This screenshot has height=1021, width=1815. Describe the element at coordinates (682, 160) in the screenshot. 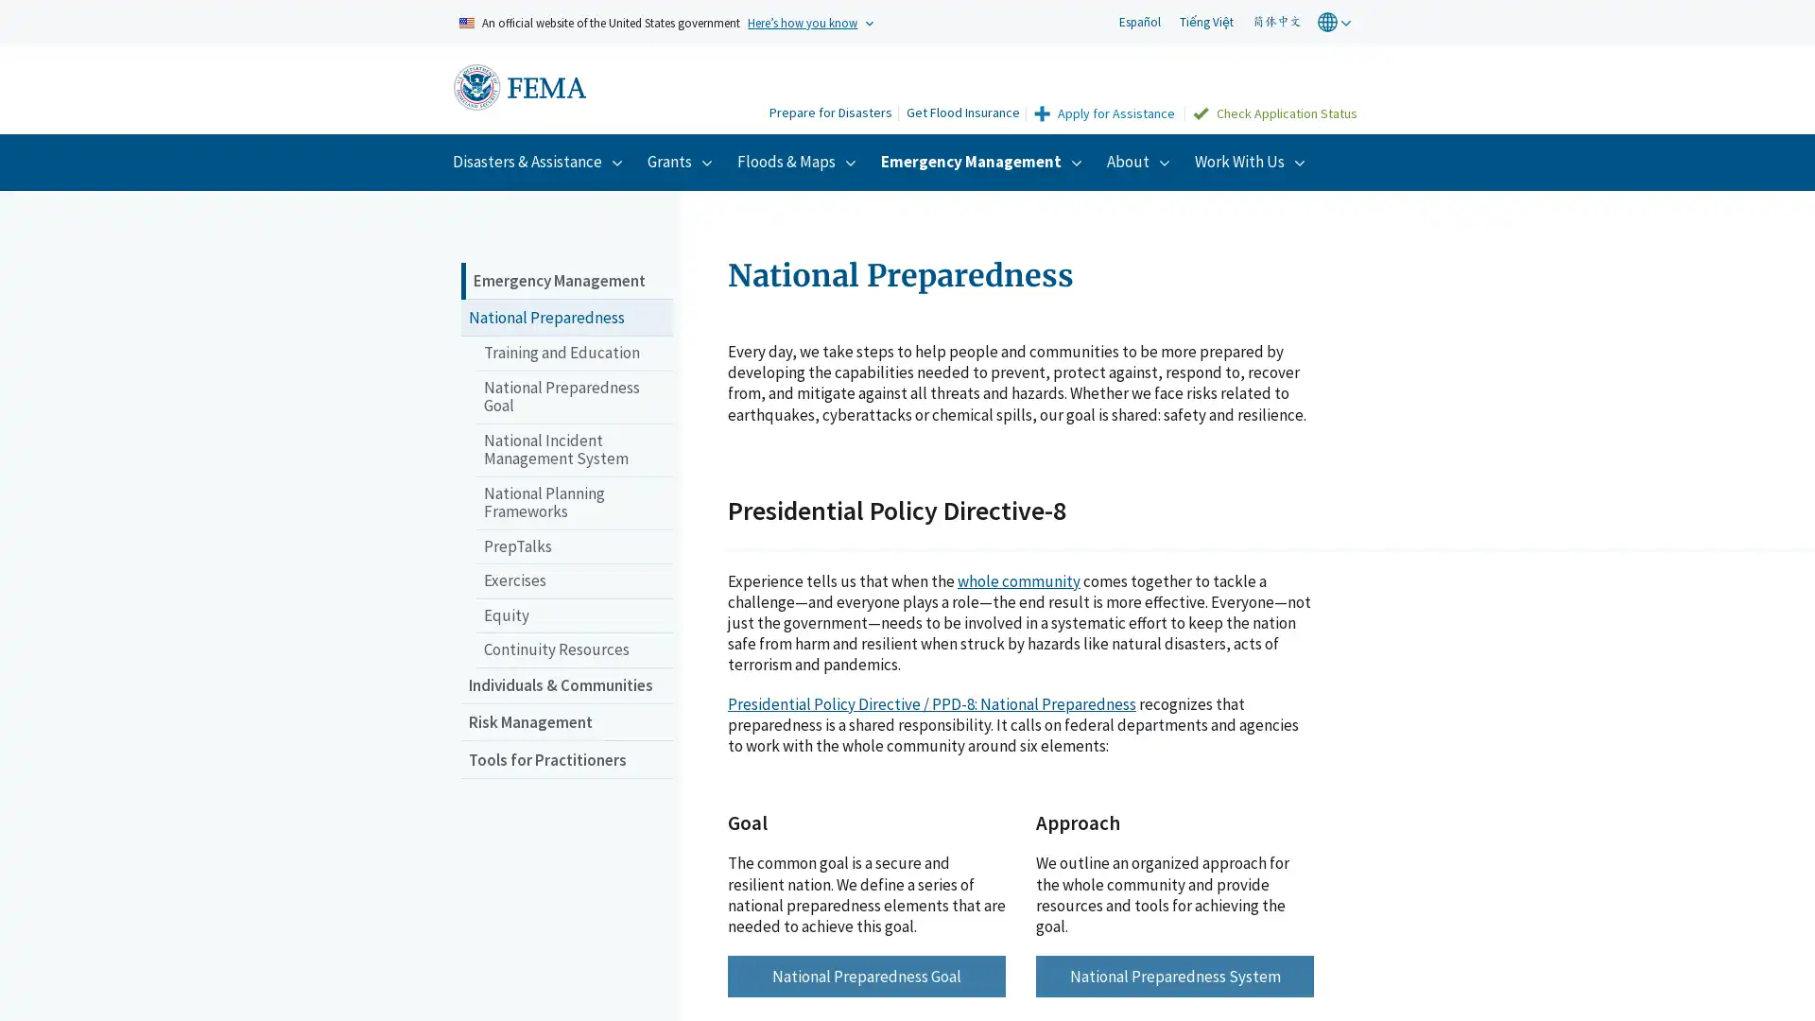

I see `Grants` at that location.